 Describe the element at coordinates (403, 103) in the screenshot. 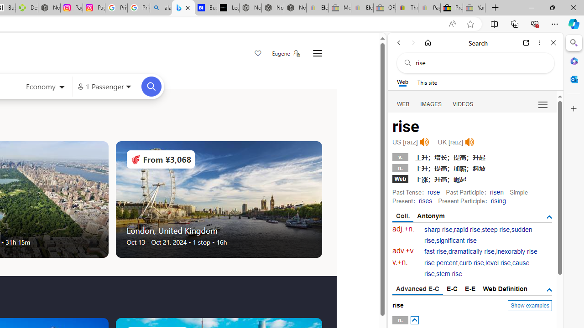

I see `'WEB'` at that location.